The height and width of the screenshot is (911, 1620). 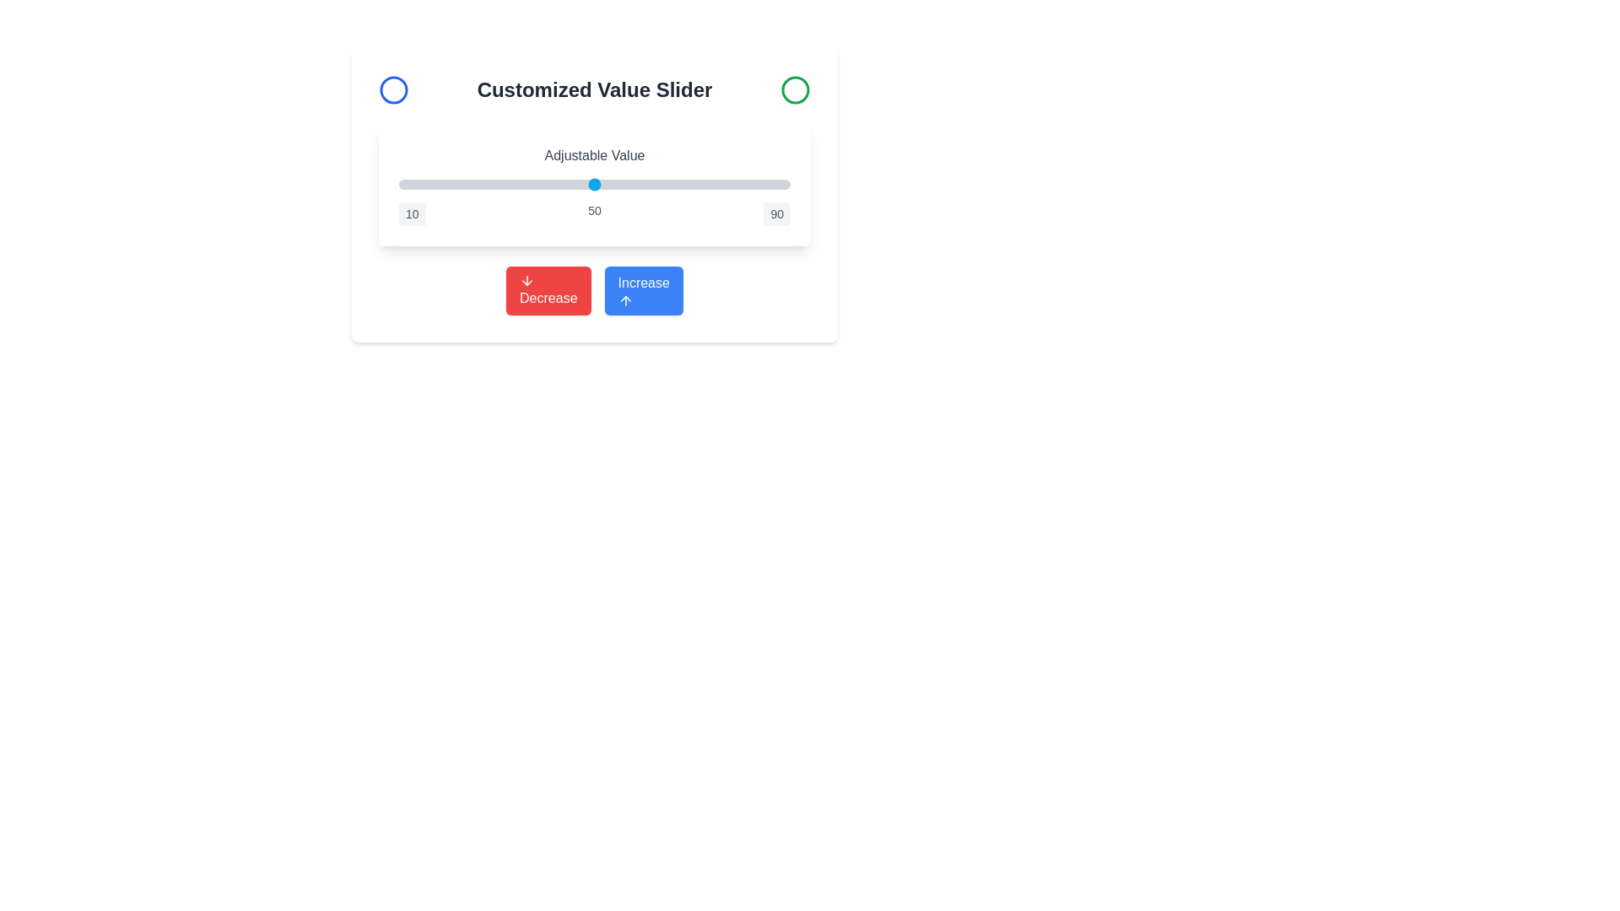 What do you see at coordinates (595, 186) in the screenshot?
I see `the blue circle of the Value Slider Component` at bounding box center [595, 186].